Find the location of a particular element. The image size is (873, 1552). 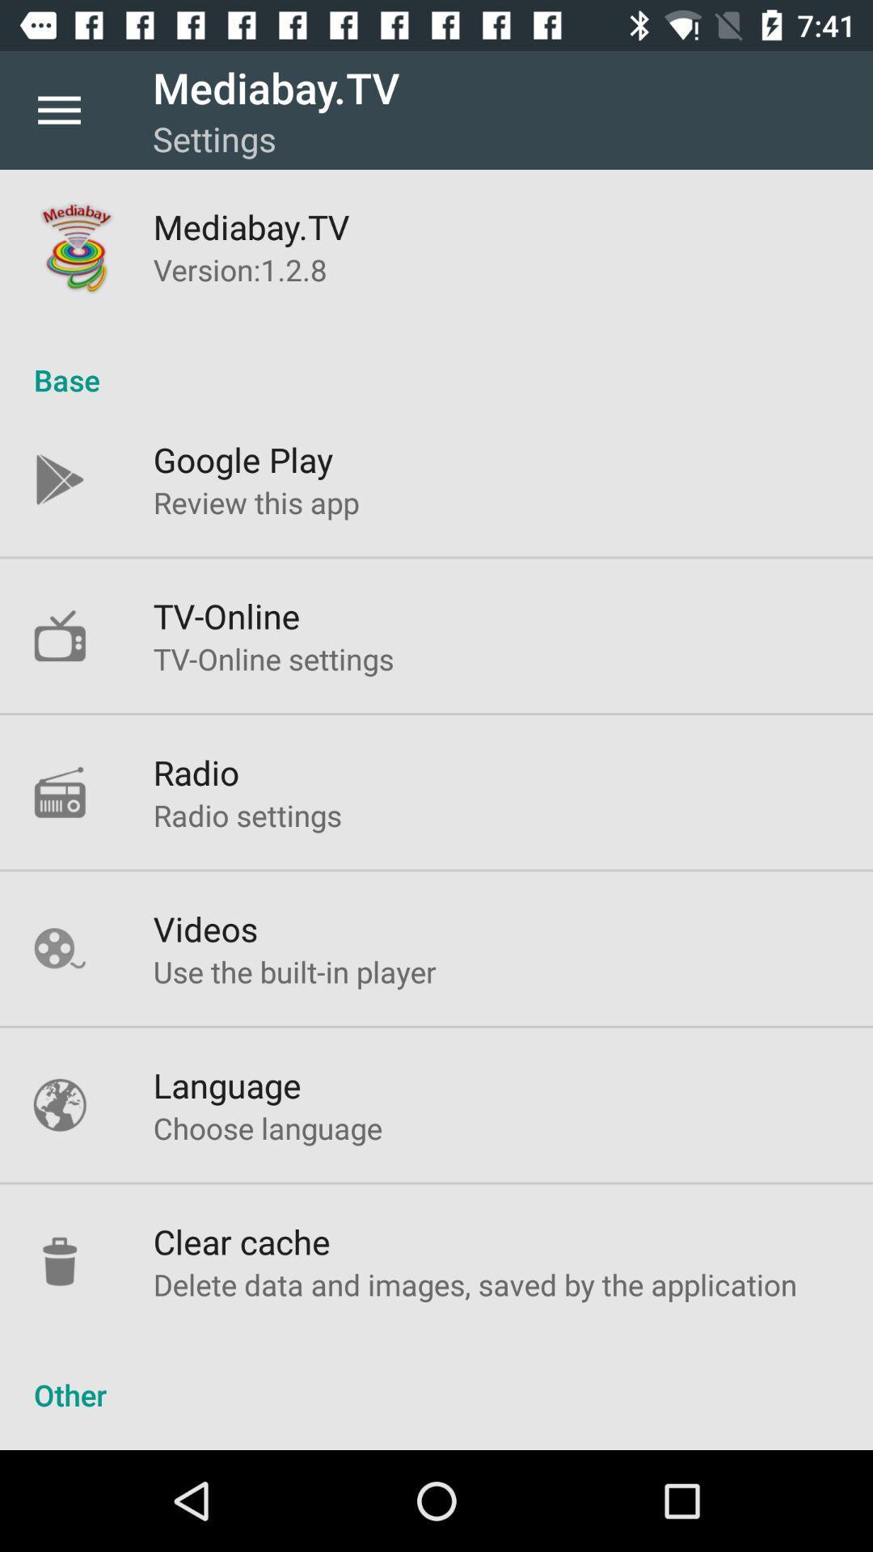

the item below videos icon is located at coordinates (294, 971).